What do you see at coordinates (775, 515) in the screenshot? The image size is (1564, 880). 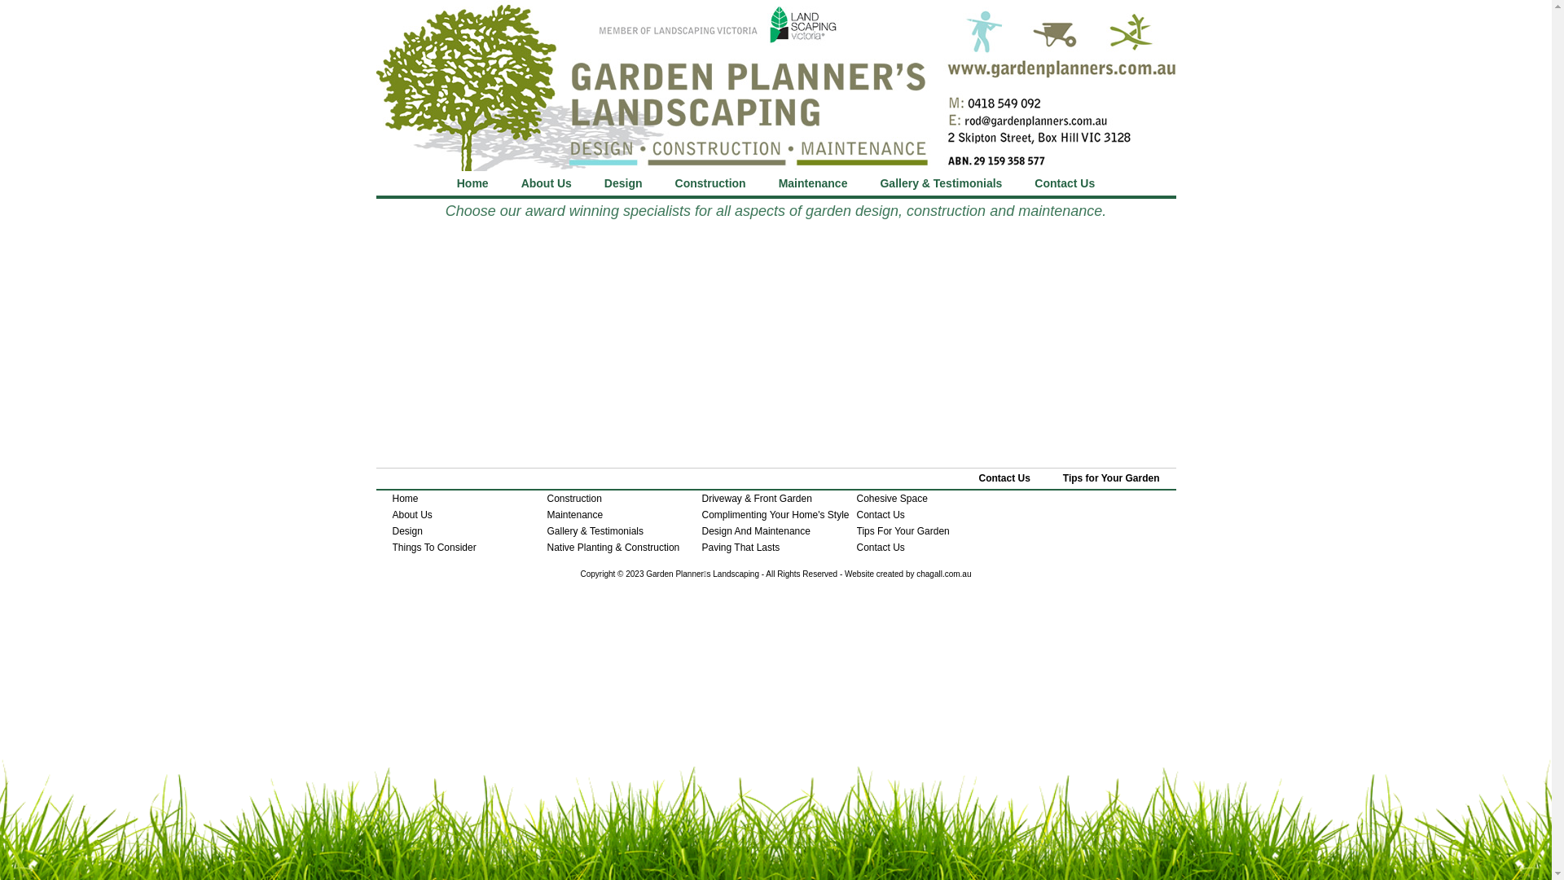 I see `'Complimenting Your Home's Style'` at bounding box center [775, 515].